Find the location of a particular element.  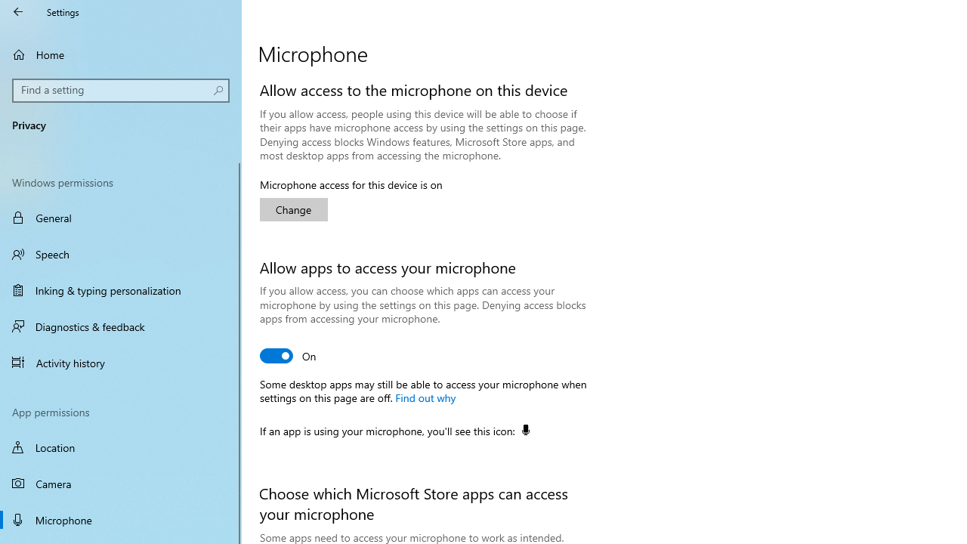

'Microphone' is located at coordinates (121, 518).